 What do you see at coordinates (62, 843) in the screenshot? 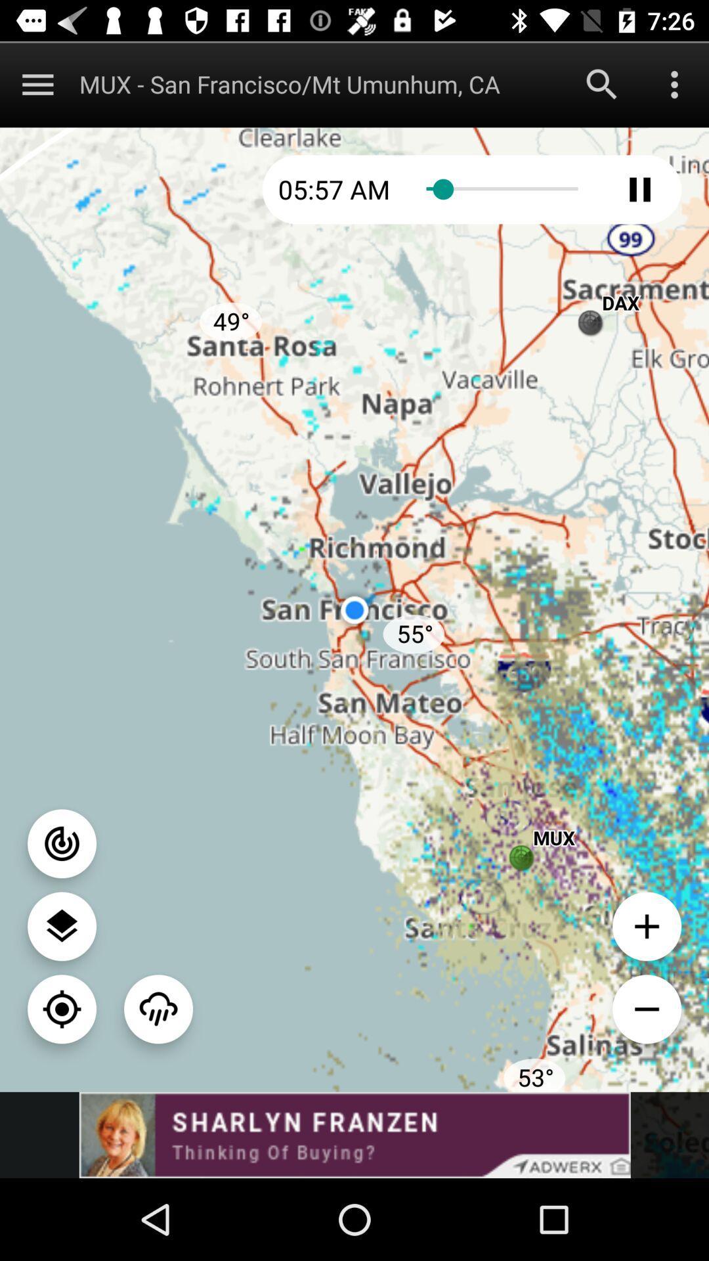
I see `point button` at bounding box center [62, 843].